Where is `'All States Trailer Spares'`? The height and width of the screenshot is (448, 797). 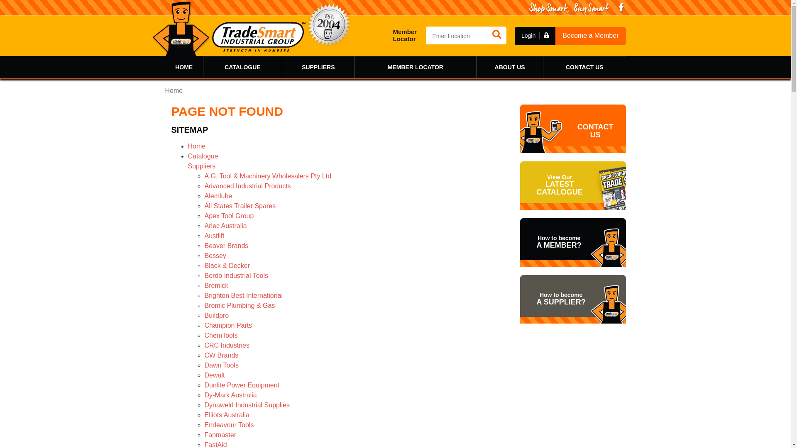 'All States Trailer Spares' is located at coordinates (239, 205).